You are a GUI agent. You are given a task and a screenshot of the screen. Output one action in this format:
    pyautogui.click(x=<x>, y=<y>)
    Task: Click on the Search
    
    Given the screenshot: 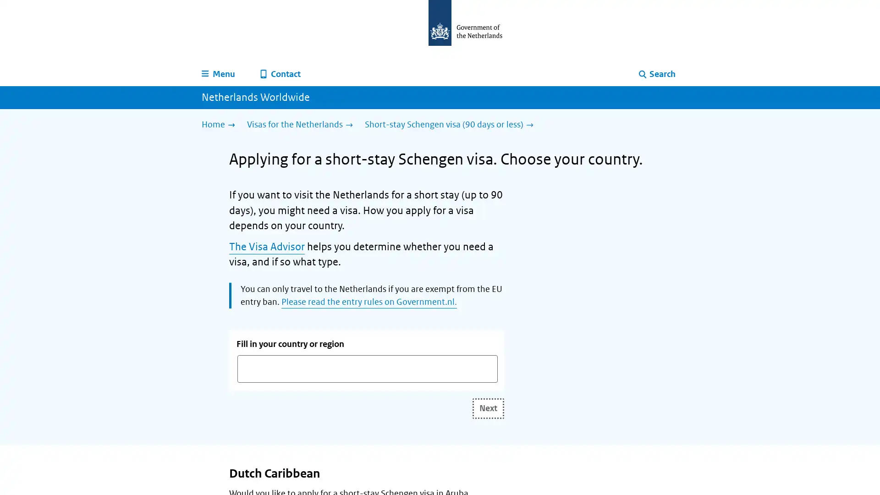 What is the action you would take?
    pyautogui.click(x=657, y=74)
    